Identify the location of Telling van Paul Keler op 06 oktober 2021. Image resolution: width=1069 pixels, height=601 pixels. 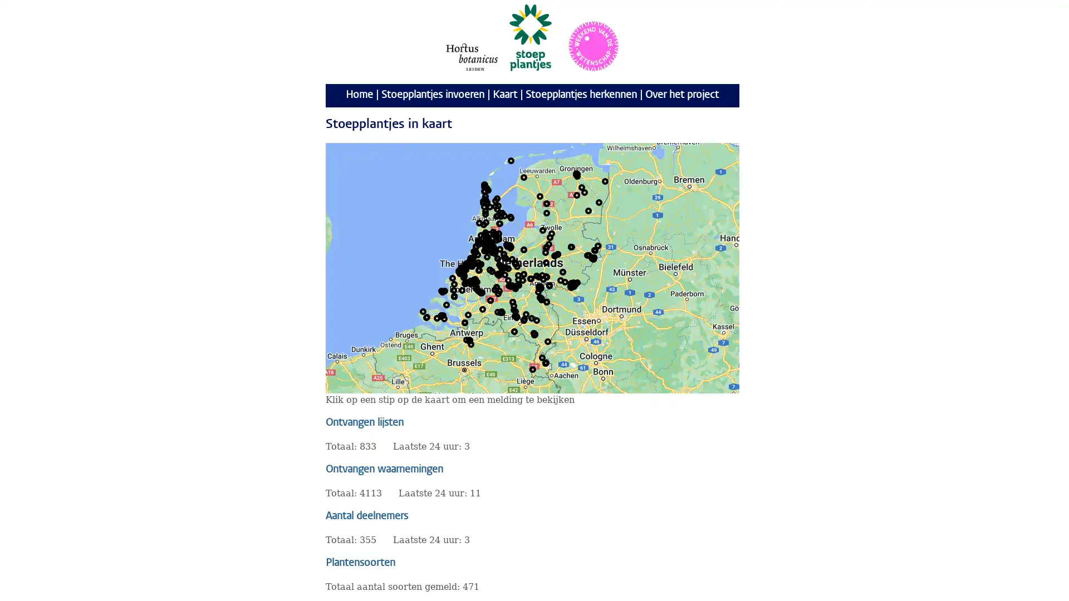
(468, 264).